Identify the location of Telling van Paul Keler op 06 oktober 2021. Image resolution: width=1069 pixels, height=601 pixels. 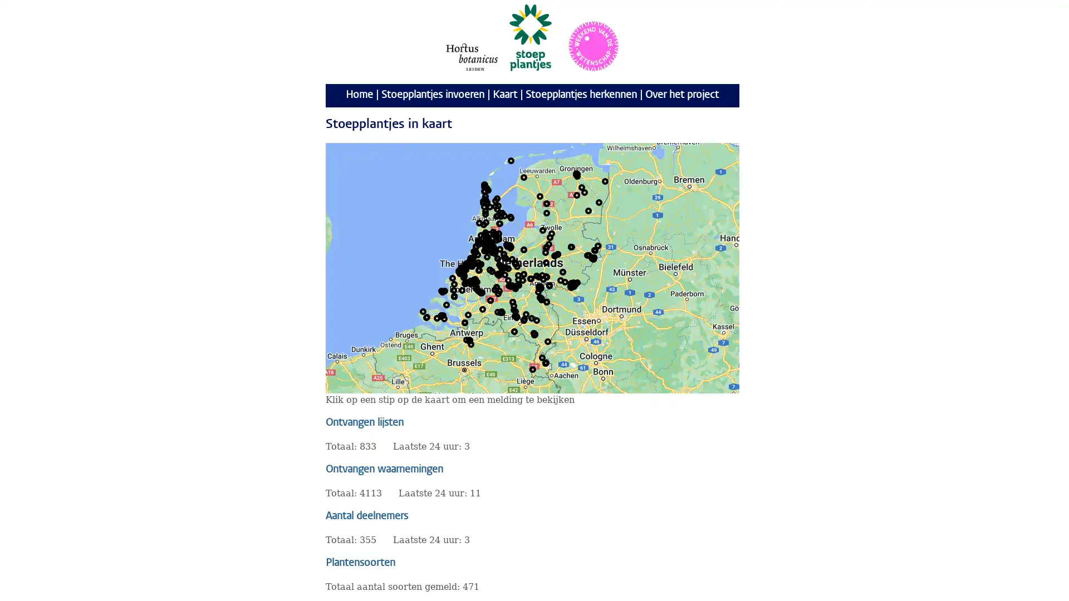
(468, 264).